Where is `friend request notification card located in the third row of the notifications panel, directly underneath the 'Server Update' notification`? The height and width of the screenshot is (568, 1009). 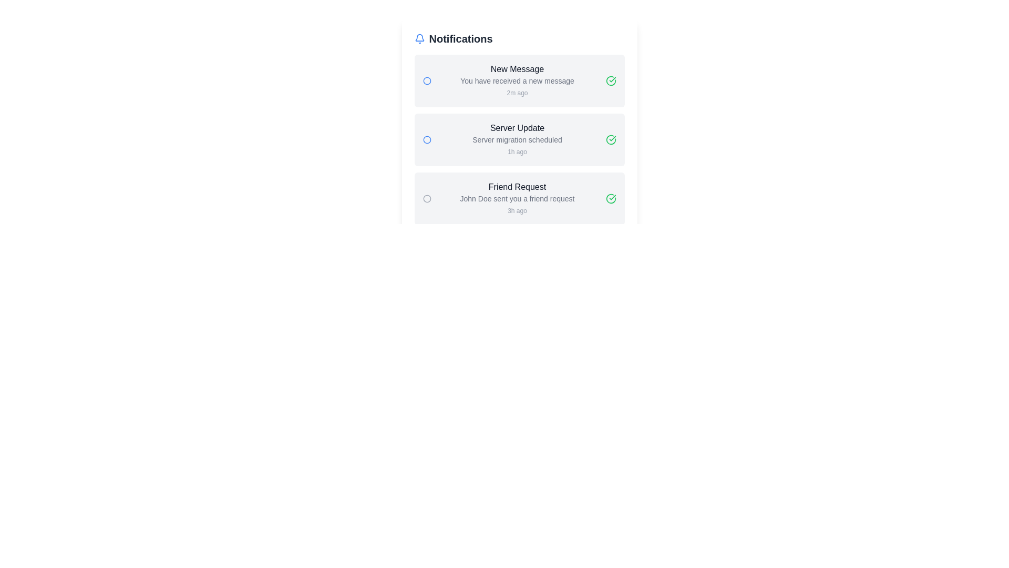 friend request notification card located in the third row of the notifications panel, directly underneath the 'Server Update' notification is located at coordinates (517, 199).